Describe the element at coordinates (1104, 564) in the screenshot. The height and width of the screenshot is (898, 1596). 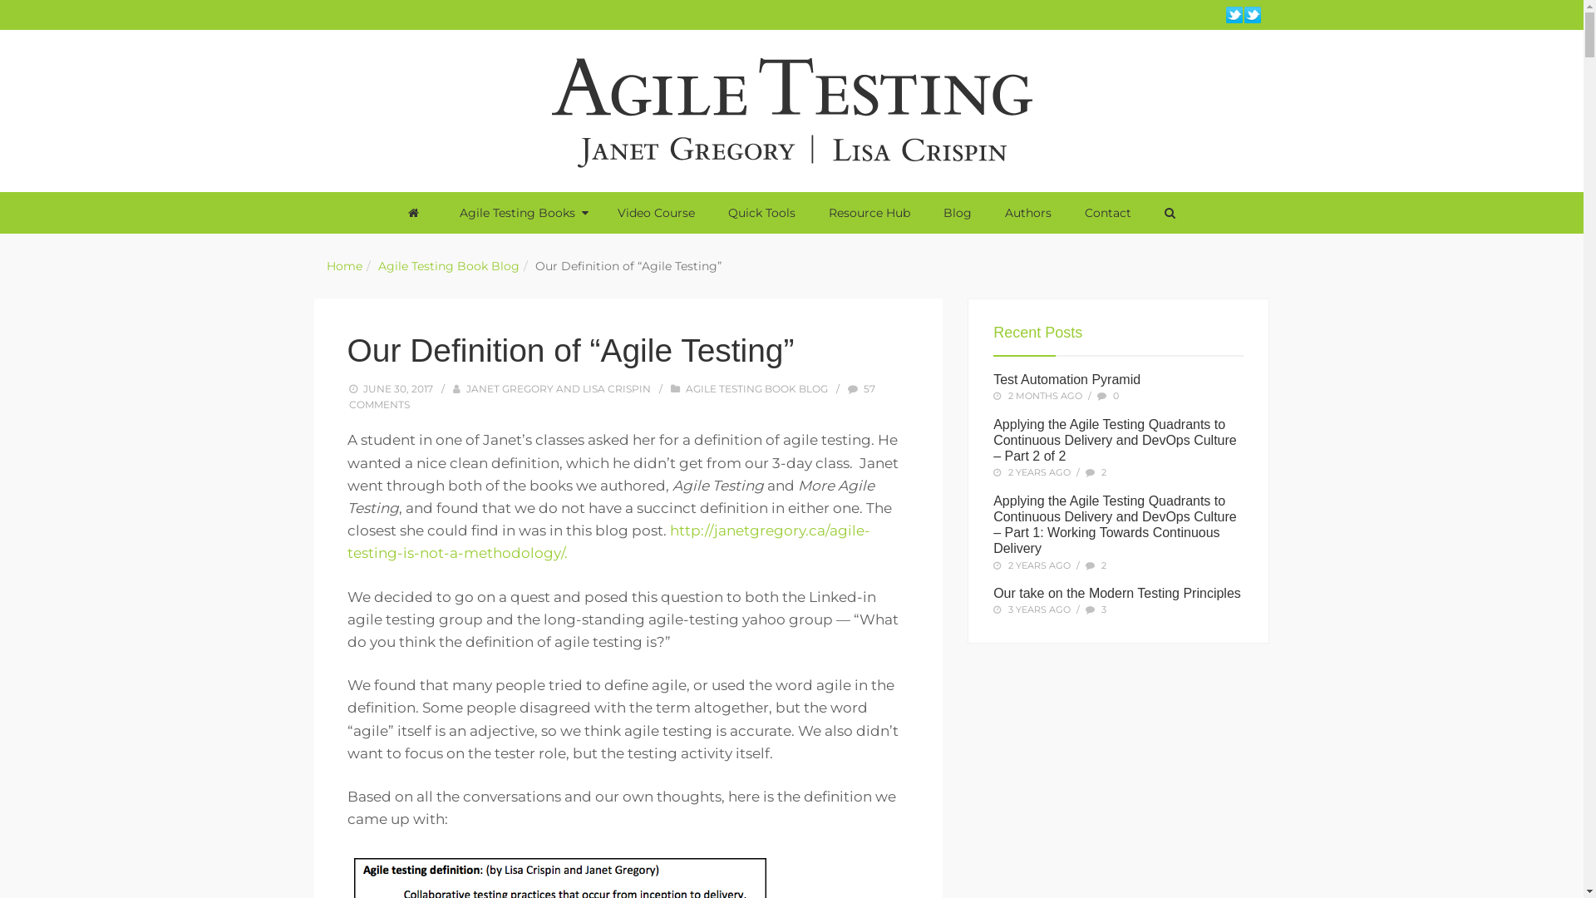
I see `'2'` at that location.